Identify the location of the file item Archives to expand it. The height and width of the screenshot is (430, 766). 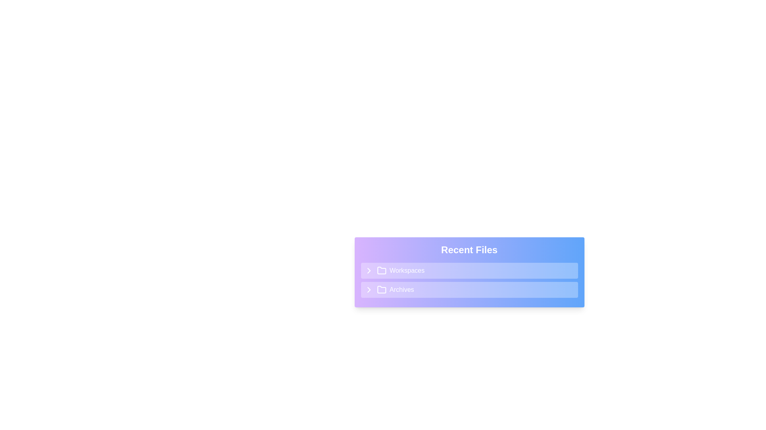
(469, 290).